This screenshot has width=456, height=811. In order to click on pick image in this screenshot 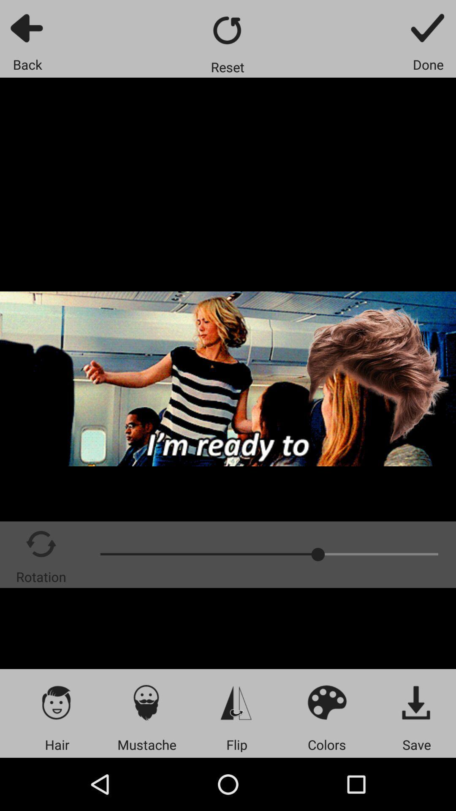, I will do `click(57, 702)`.